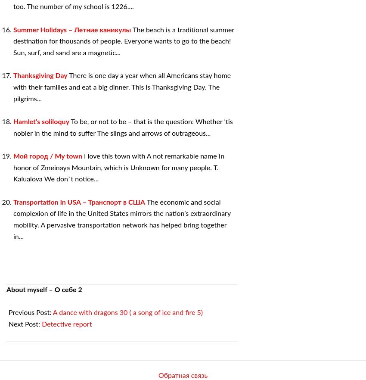  I want to click on 'A dance with dragons 30 ( a song of ice and fire 5)', so click(52, 312).